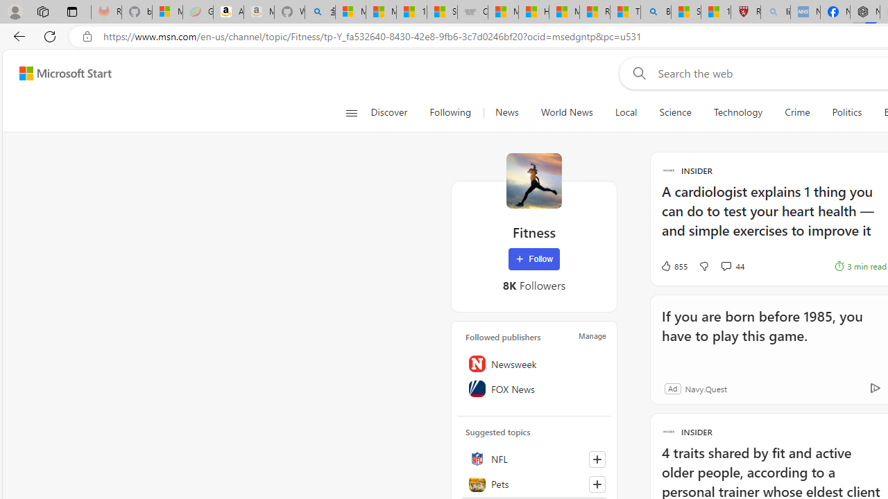  I want to click on 'Politics', so click(846, 112).